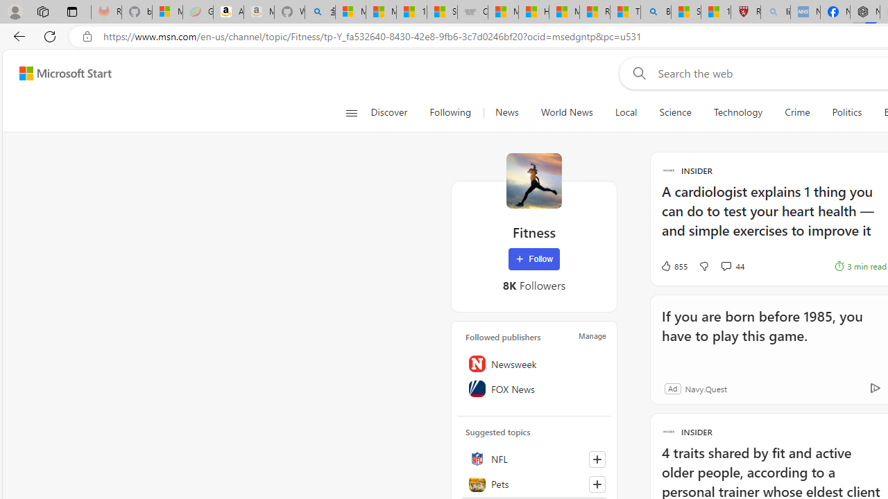  I want to click on 'Politics', so click(846, 112).